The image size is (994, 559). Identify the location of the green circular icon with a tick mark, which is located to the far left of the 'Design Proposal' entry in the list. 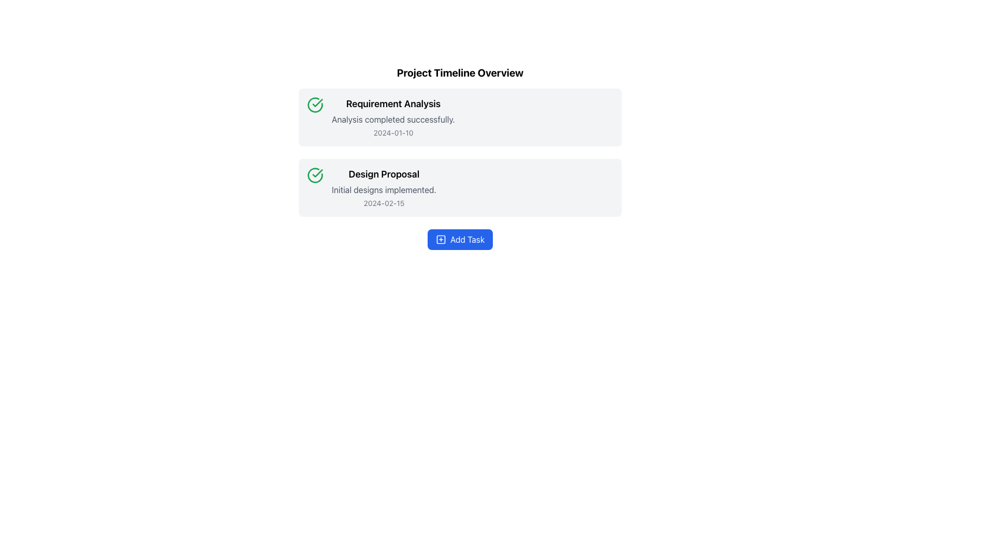
(315, 175).